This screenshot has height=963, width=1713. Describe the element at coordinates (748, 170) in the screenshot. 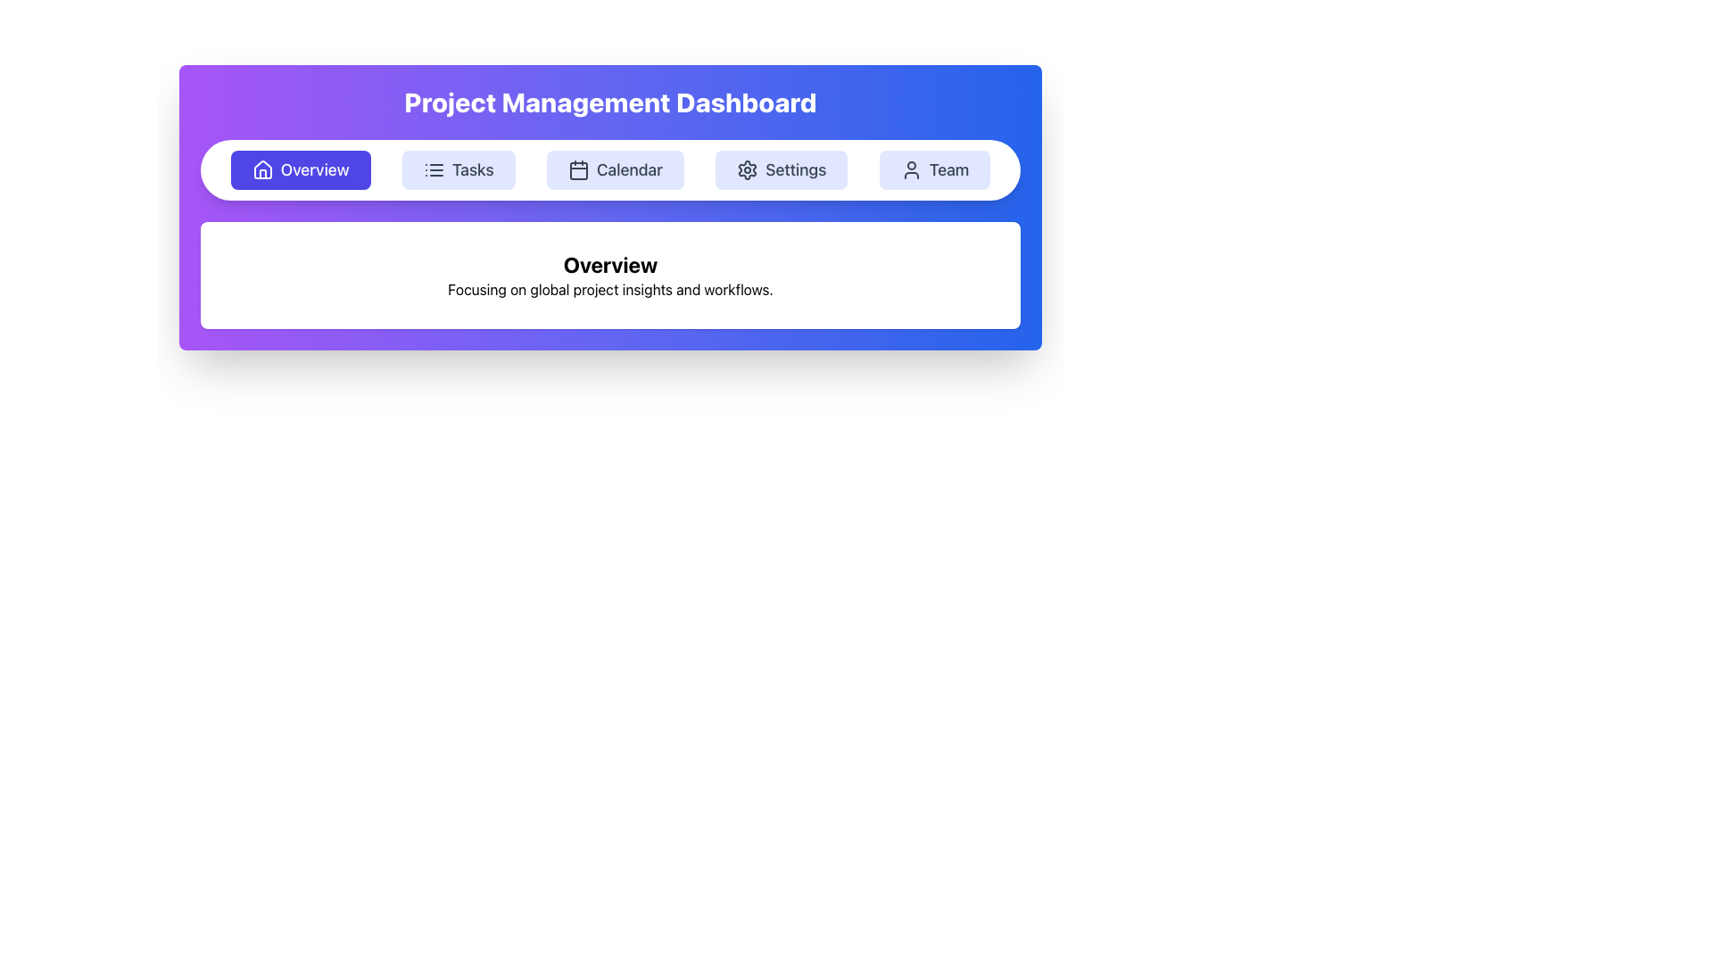

I see `the settings cogwheel icon button located in the navigation menu` at that location.